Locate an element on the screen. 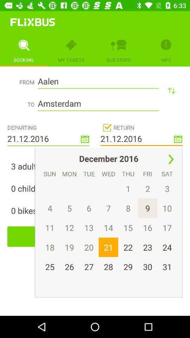 This screenshot has height=338, width=190. move to next month is located at coordinates (171, 159).